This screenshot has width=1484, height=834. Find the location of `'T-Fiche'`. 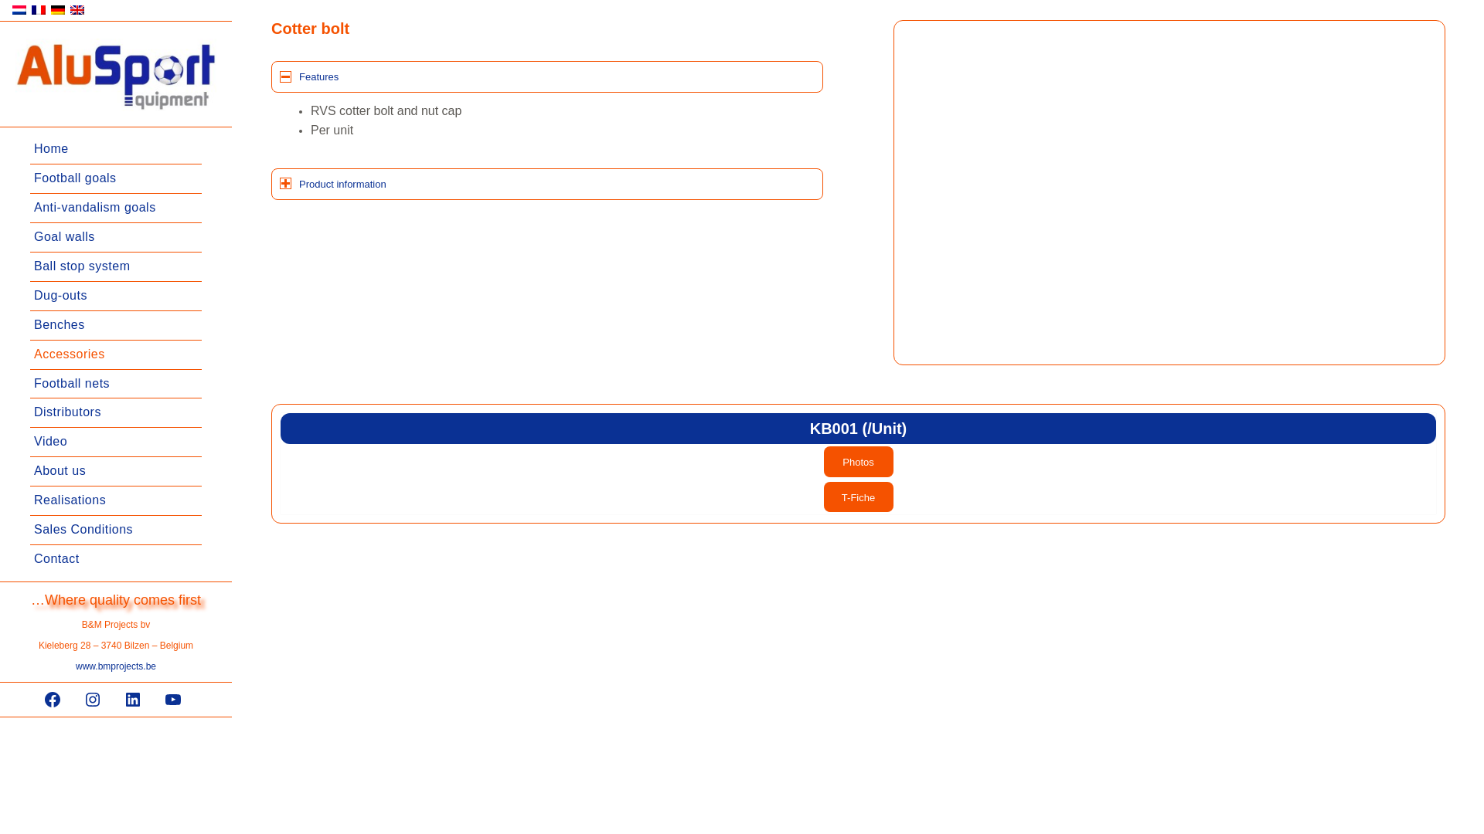

'T-Fiche' is located at coordinates (857, 497).